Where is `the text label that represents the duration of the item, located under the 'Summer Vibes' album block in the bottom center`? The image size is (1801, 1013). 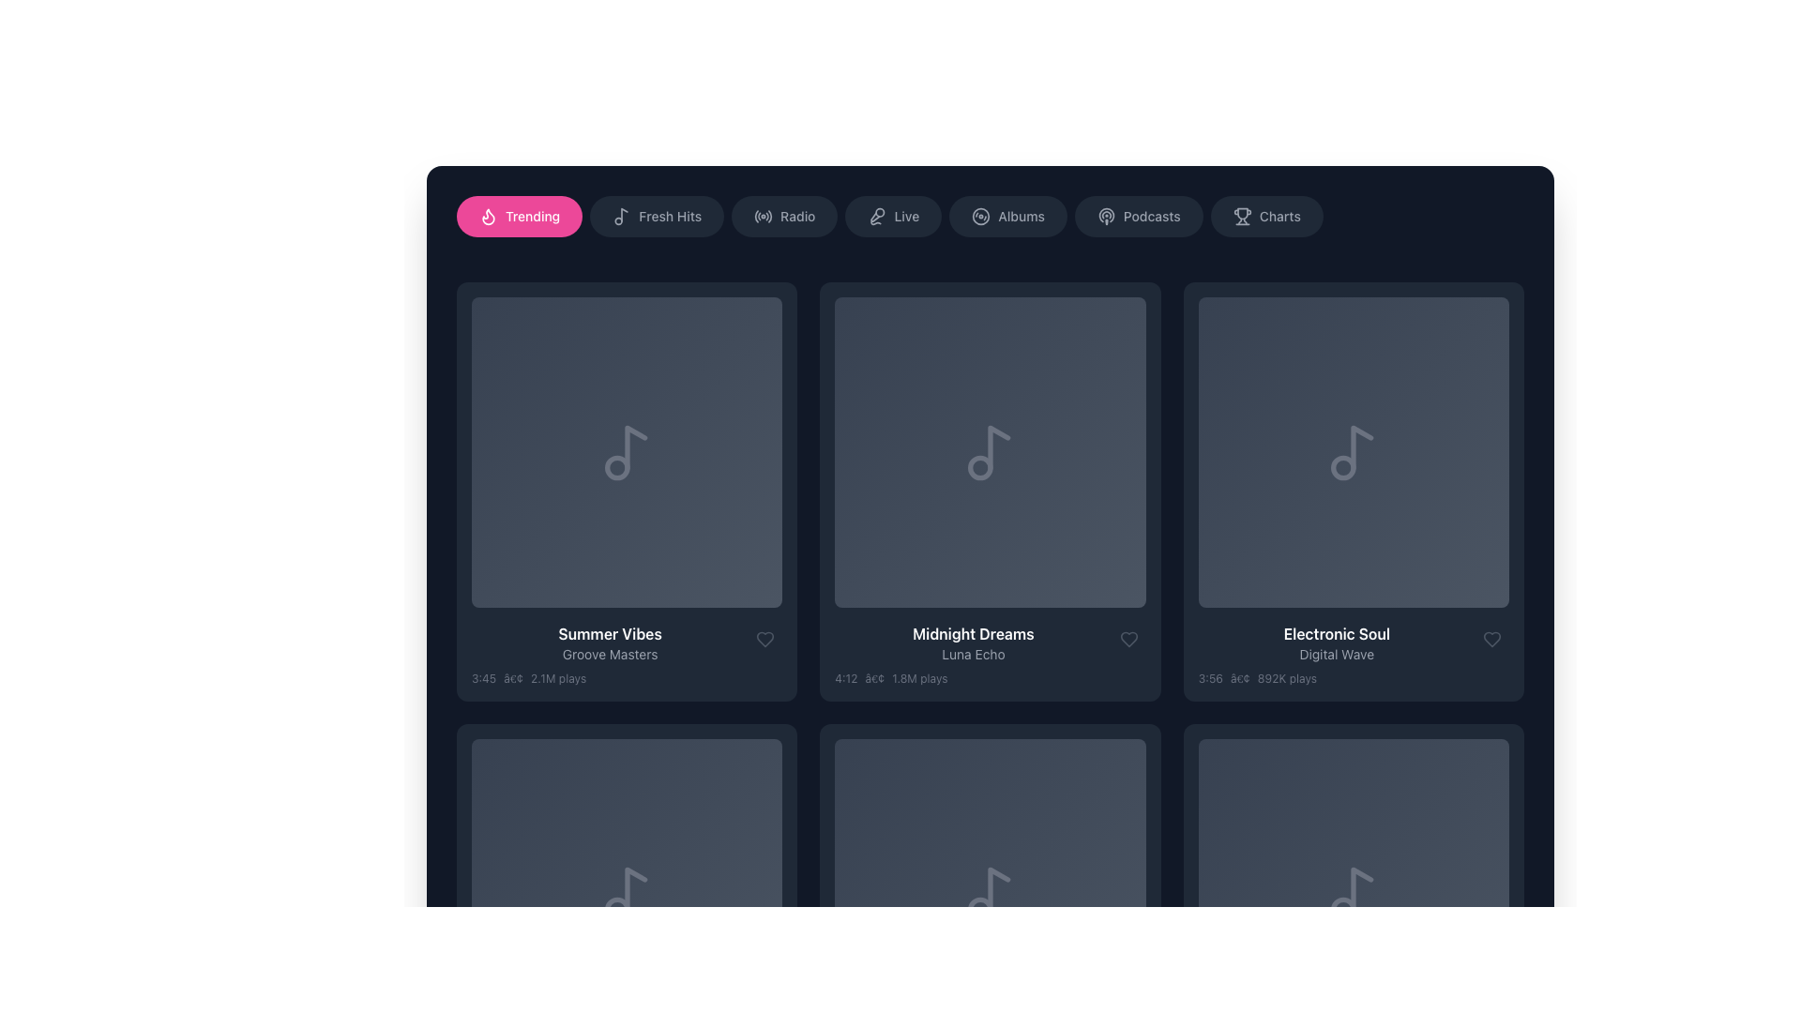
the text label that represents the duration of the item, located under the 'Summer Vibes' album block in the bottom center is located at coordinates (484, 679).